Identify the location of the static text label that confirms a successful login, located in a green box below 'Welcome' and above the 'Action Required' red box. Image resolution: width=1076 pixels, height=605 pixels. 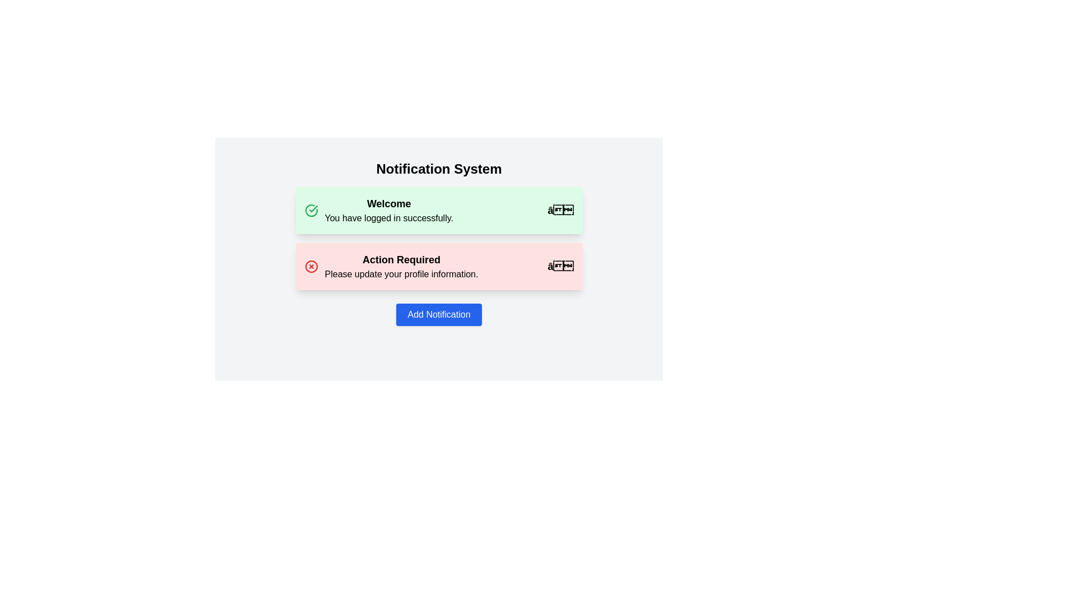
(389, 218).